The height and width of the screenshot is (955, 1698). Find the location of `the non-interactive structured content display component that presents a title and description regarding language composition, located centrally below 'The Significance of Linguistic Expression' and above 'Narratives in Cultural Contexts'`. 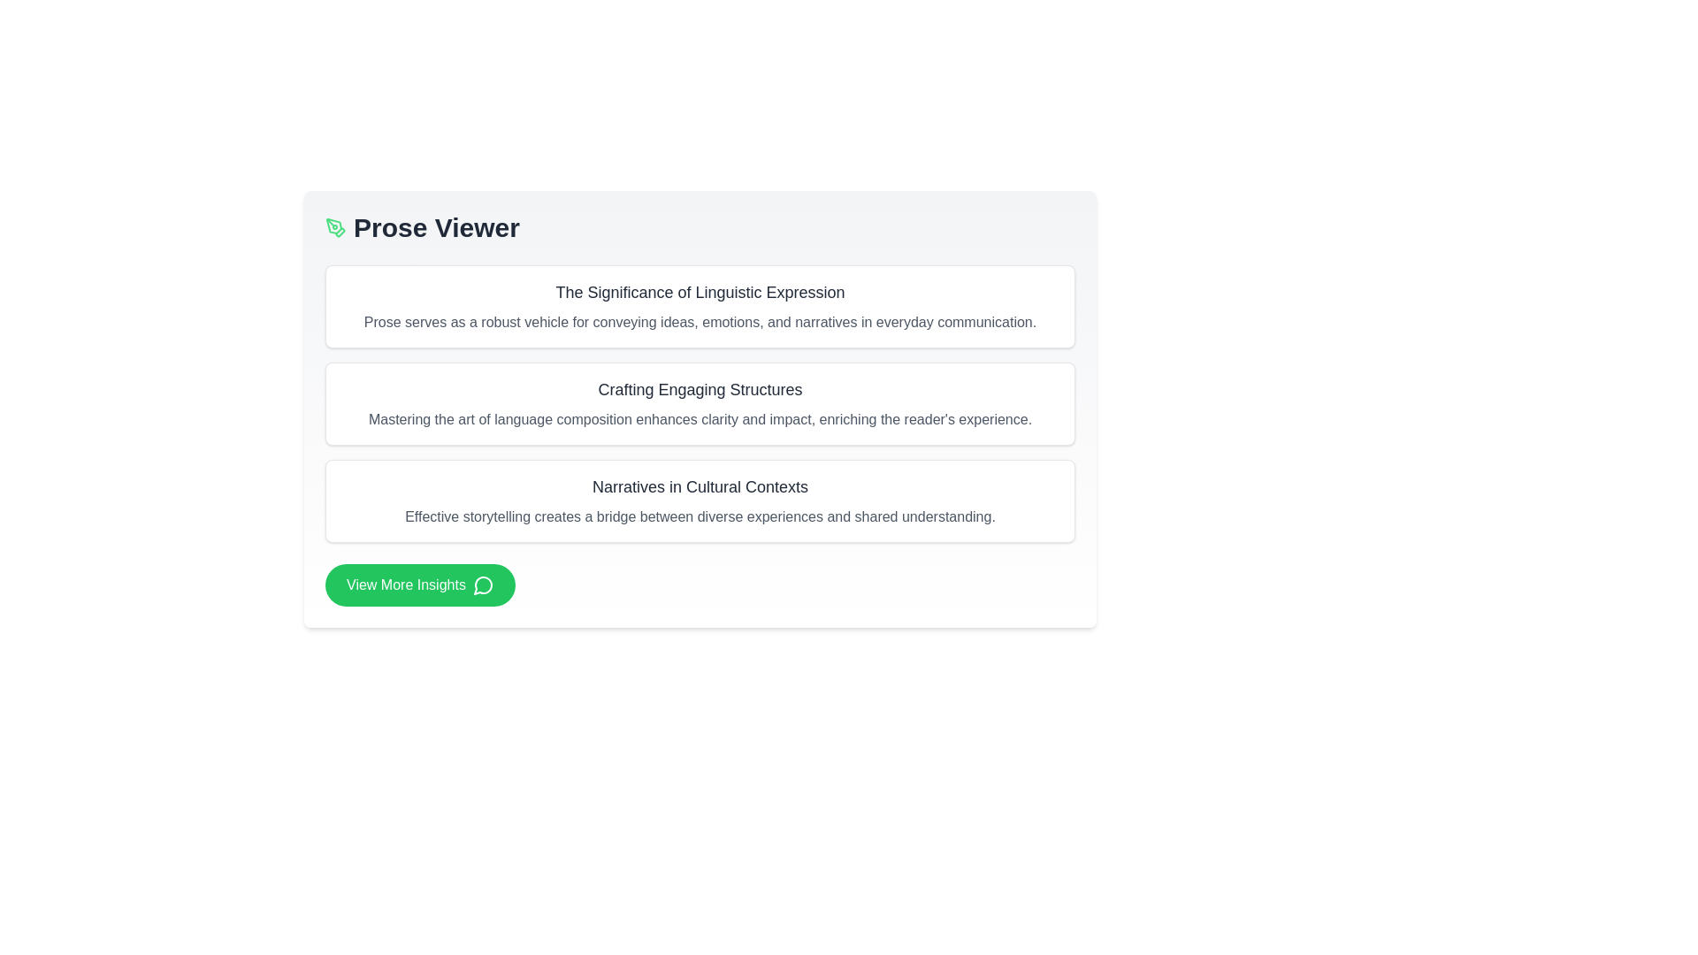

the non-interactive structured content display component that presents a title and description regarding language composition, located centrally below 'The Significance of Linguistic Expression' and above 'Narratives in Cultural Contexts' is located at coordinates (700, 403).